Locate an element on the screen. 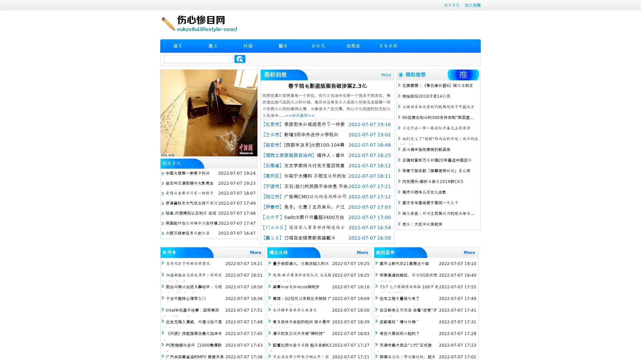  Search is located at coordinates (240, 59).